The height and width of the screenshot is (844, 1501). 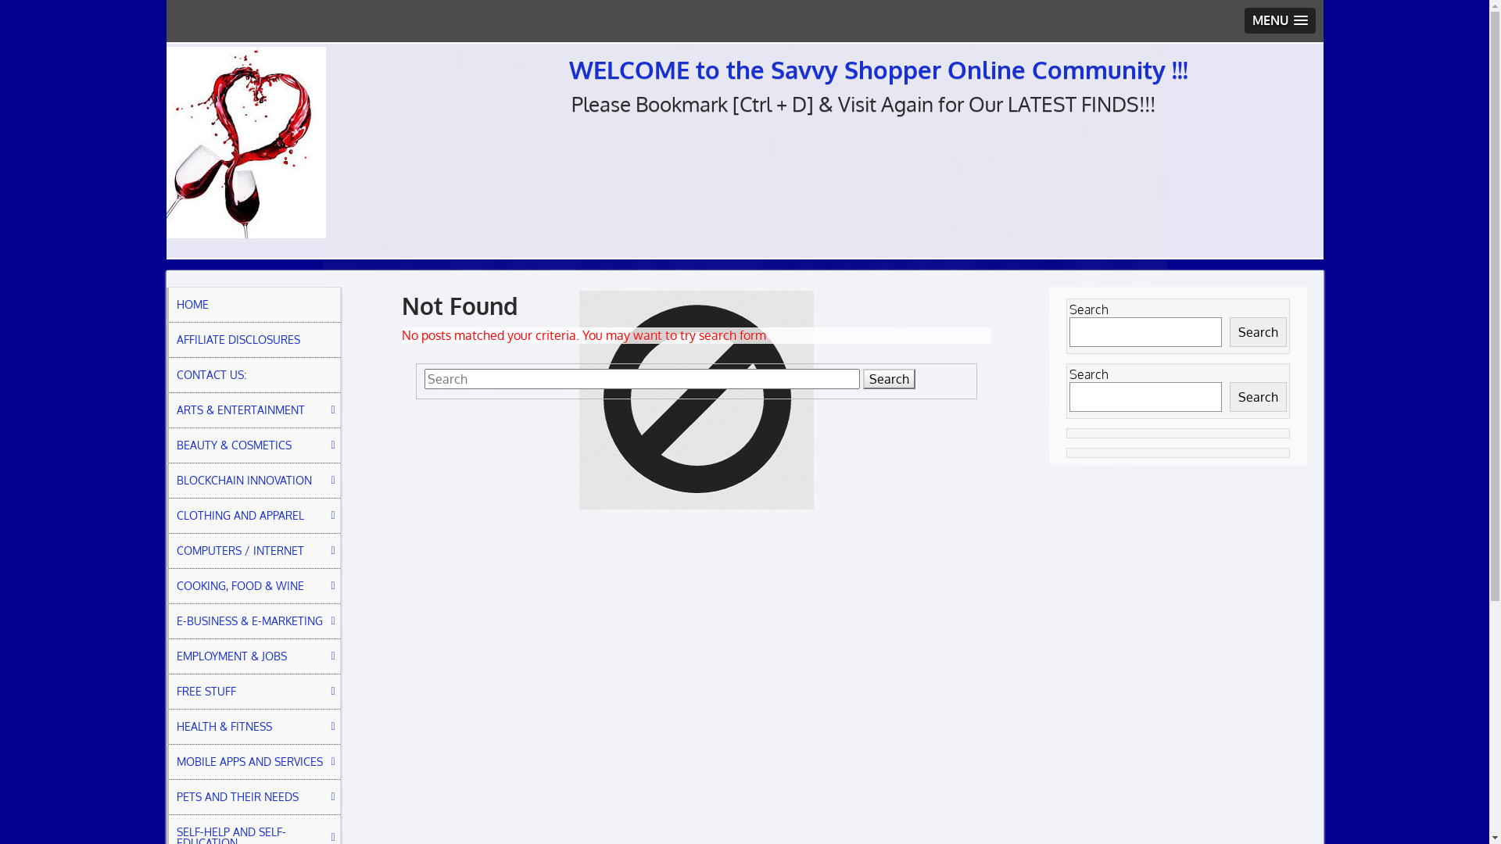 I want to click on 'HEALTH & FITNESS', so click(x=253, y=726).